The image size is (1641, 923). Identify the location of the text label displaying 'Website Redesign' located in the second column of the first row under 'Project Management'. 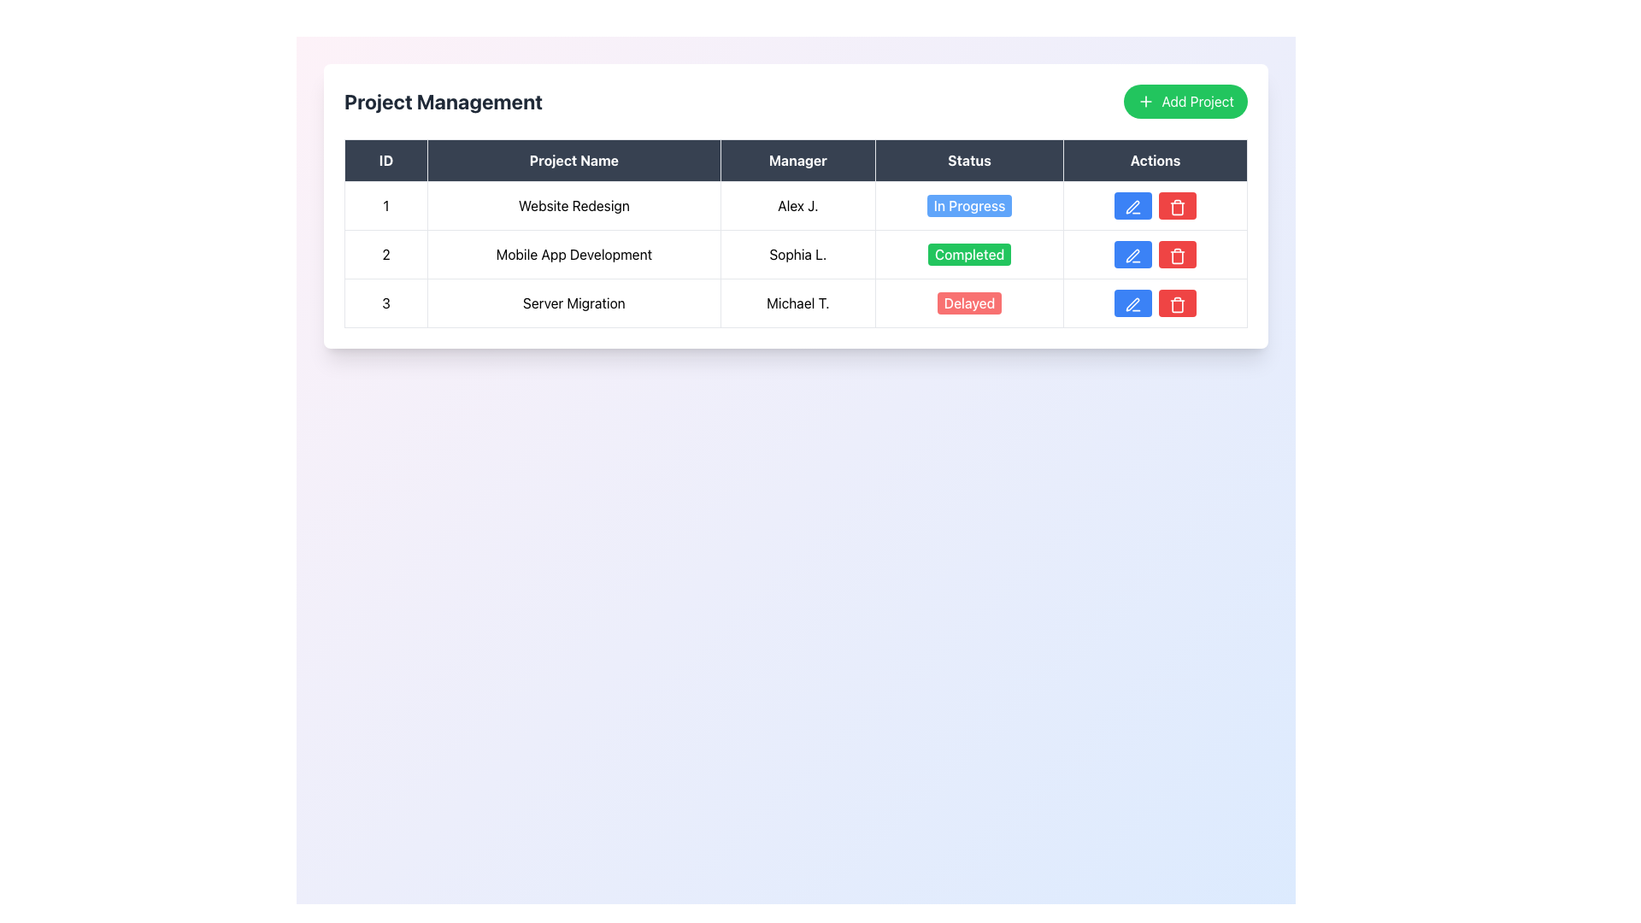
(573, 204).